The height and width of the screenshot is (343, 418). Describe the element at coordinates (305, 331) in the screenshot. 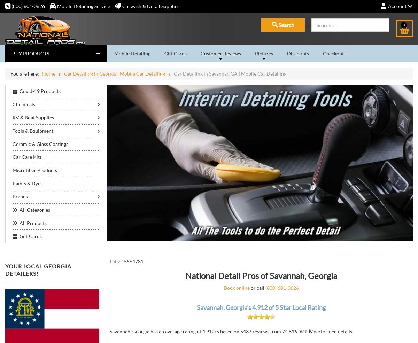

I see `'locally'` at that location.